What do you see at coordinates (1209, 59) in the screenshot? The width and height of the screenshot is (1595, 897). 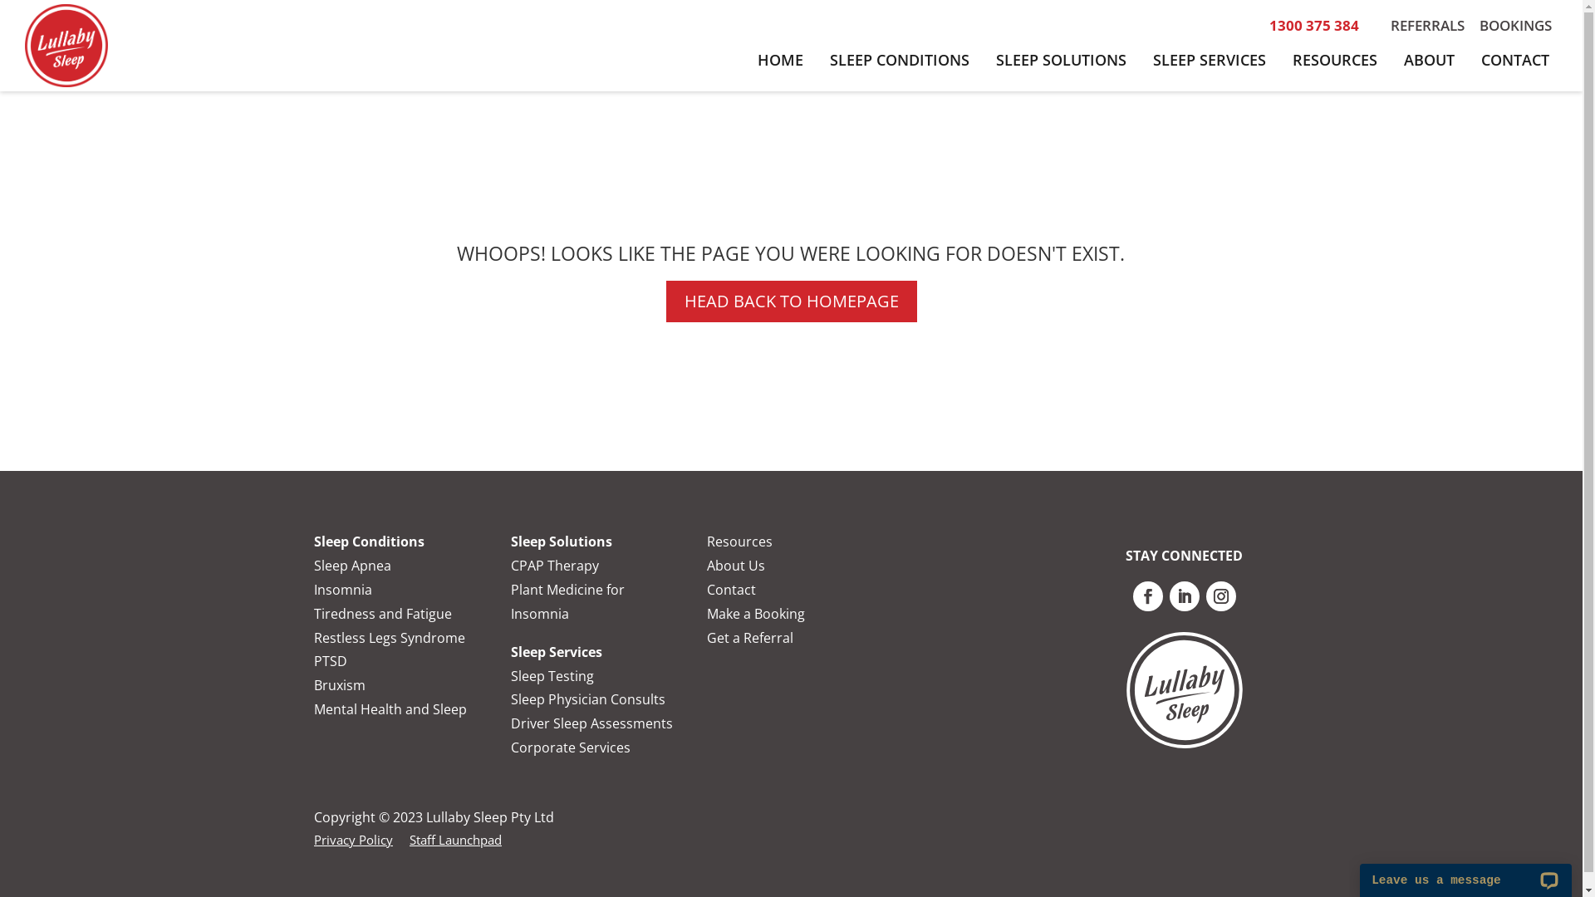 I see `'SLEEP SERVICES'` at bounding box center [1209, 59].